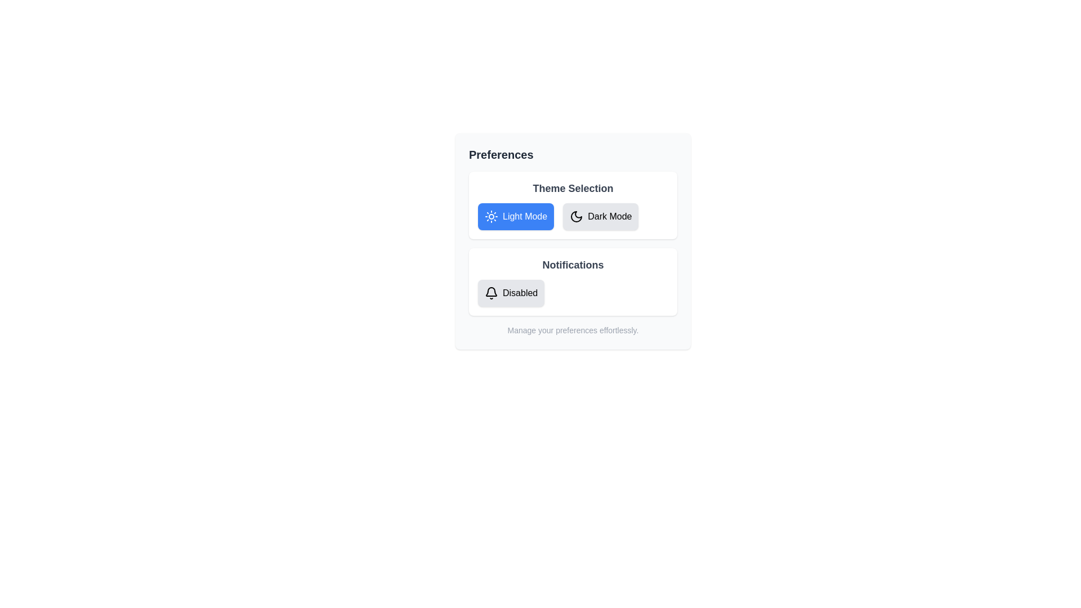 The image size is (1081, 608). What do you see at coordinates (573, 188) in the screenshot?
I see `the bold, large dark gray text label reading 'Theme Selection' which is centrally aligned at the top of the card containing the theme options` at bounding box center [573, 188].